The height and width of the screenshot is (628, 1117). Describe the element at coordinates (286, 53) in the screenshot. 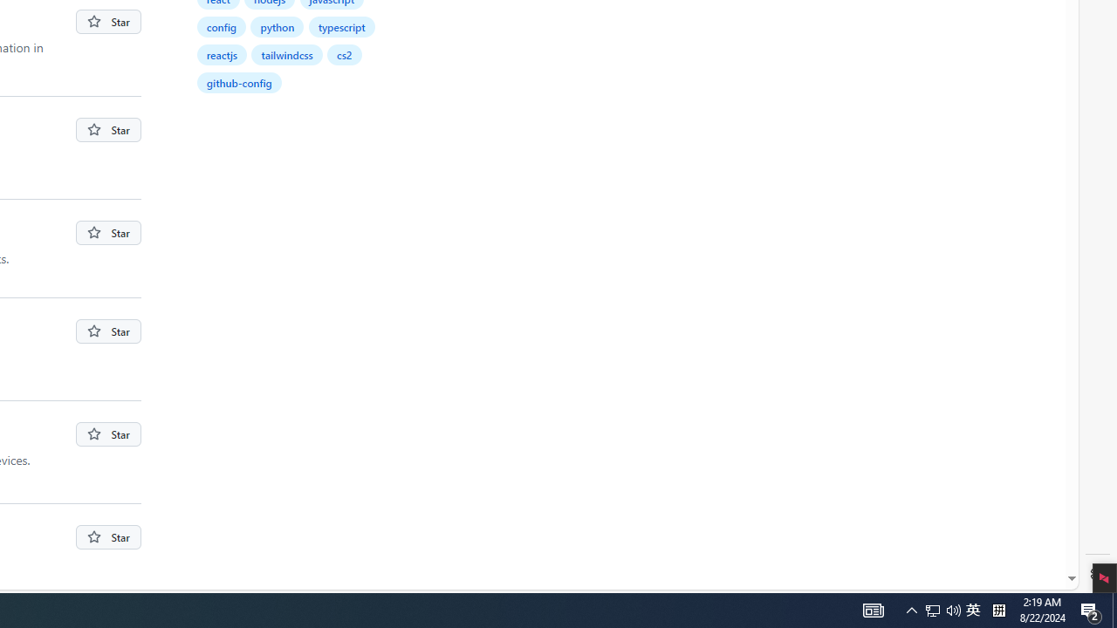

I see `'tailwindcss'` at that location.